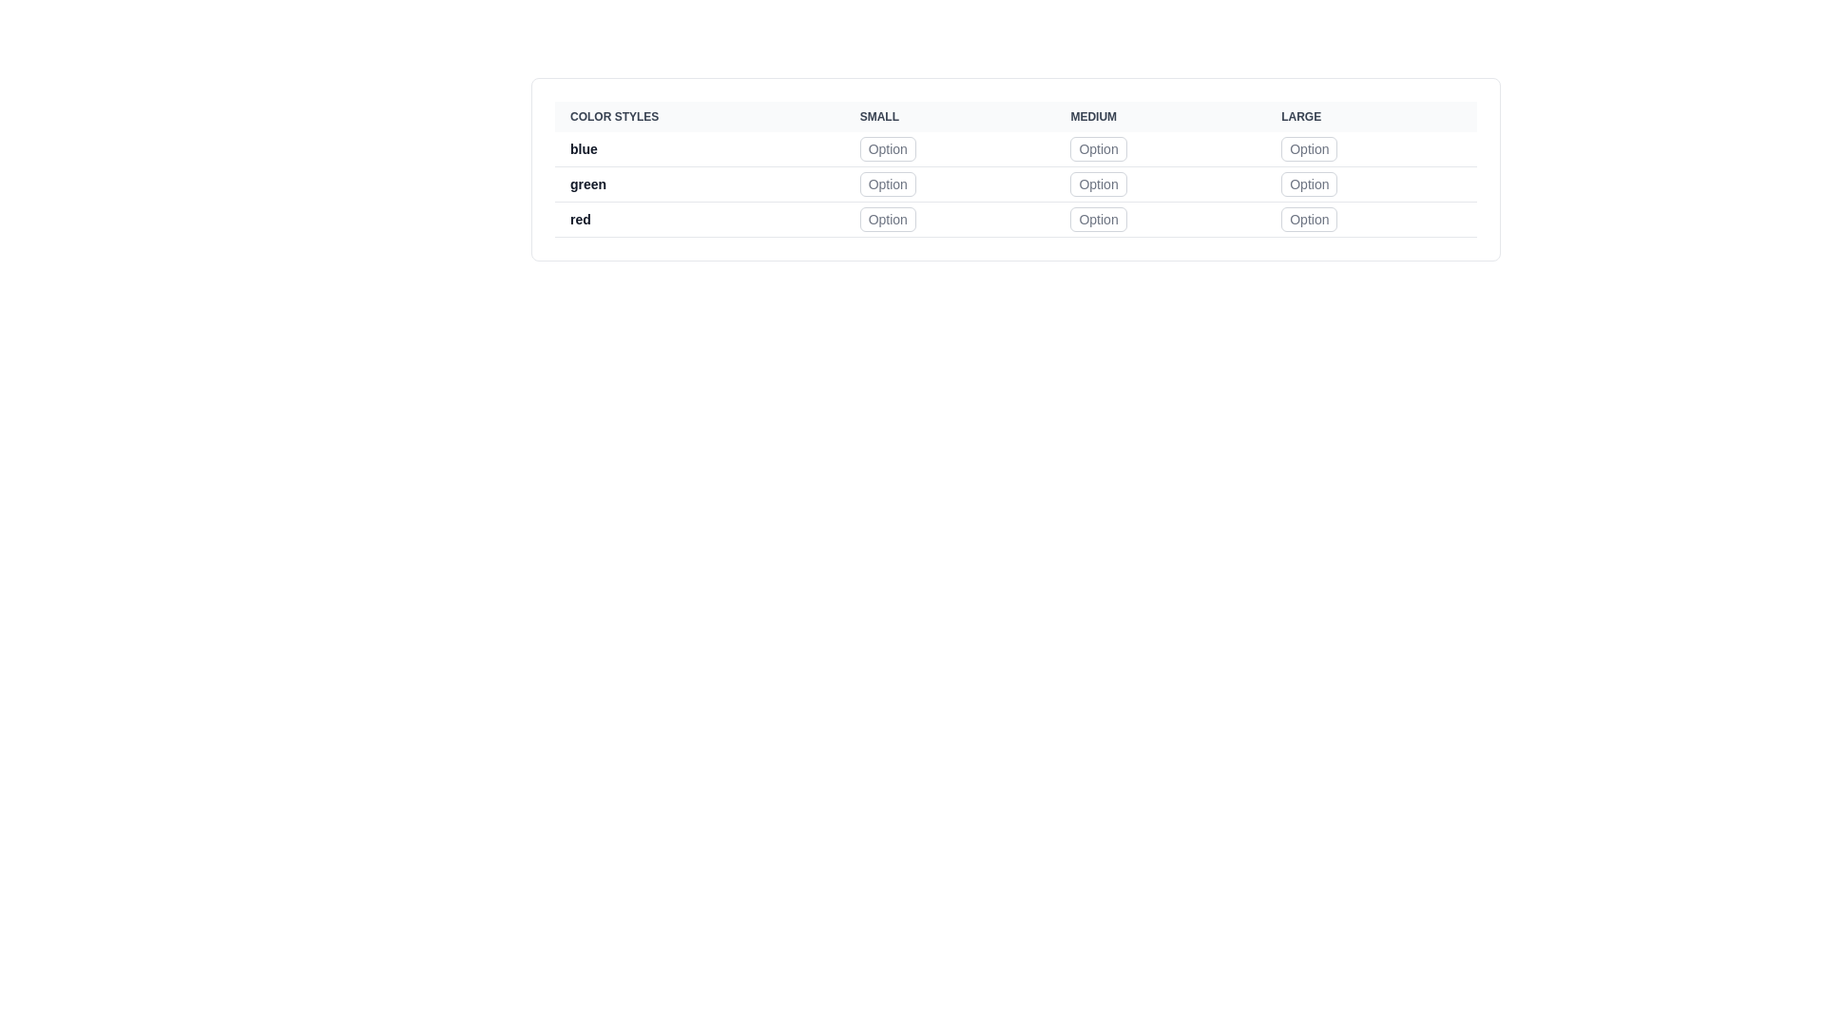 The image size is (1825, 1027). What do you see at coordinates (1372, 148) in the screenshot?
I see `the rectangular light blue button labeled 'Option' located in the 'Large' column of the first row of the table, to the right of other 'Option' elements, within the section labeled 'blue'` at bounding box center [1372, 148].